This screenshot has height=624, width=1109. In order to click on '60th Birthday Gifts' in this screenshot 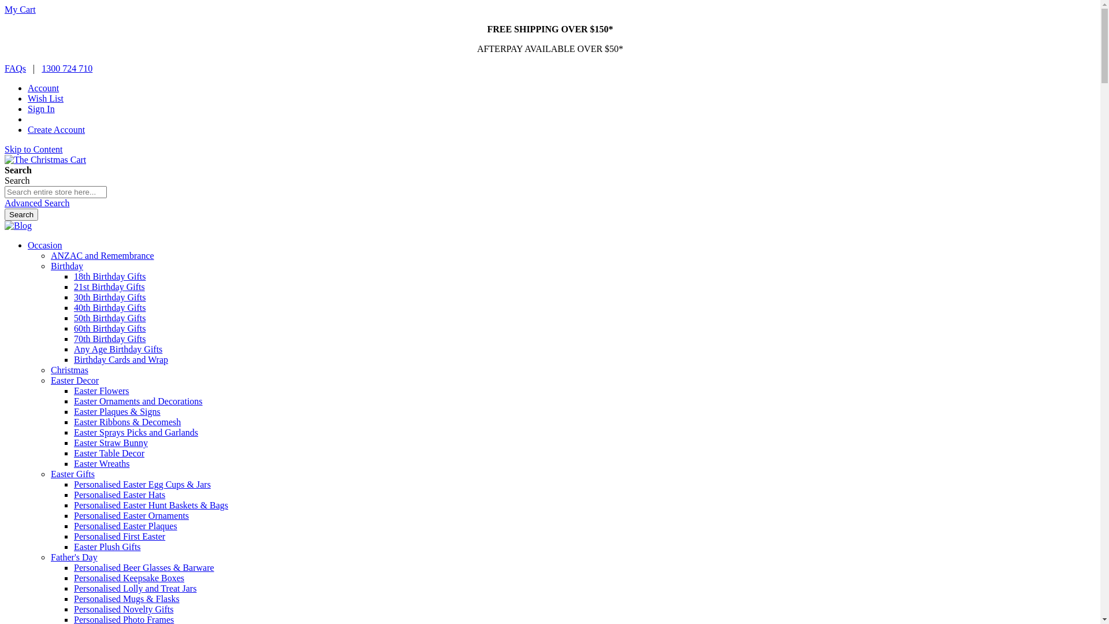, I will do `click(73, 328)`.